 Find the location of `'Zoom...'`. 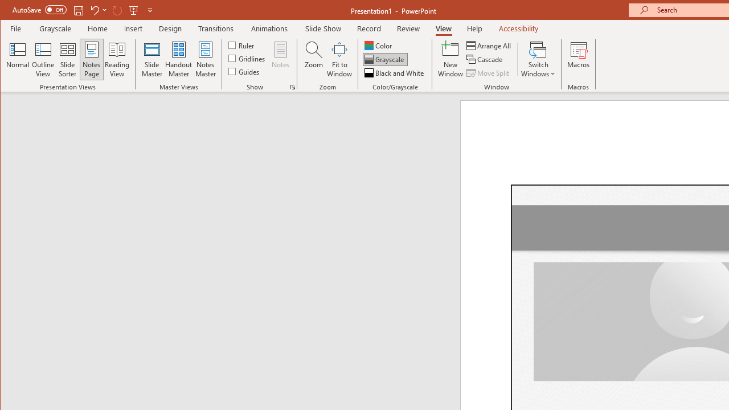

'Zoom...' is located at coordinates (314, 59).